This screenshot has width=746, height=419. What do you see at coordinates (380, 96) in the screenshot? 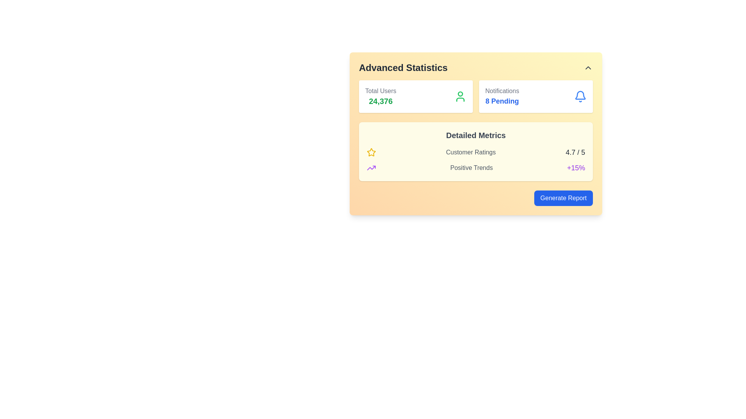
I see `the Text Block displaying the total number of users, located in the upper-left section of the 'Advanced Statistics' card, next to the user icon and notification section` at bounding box center [380, 96].